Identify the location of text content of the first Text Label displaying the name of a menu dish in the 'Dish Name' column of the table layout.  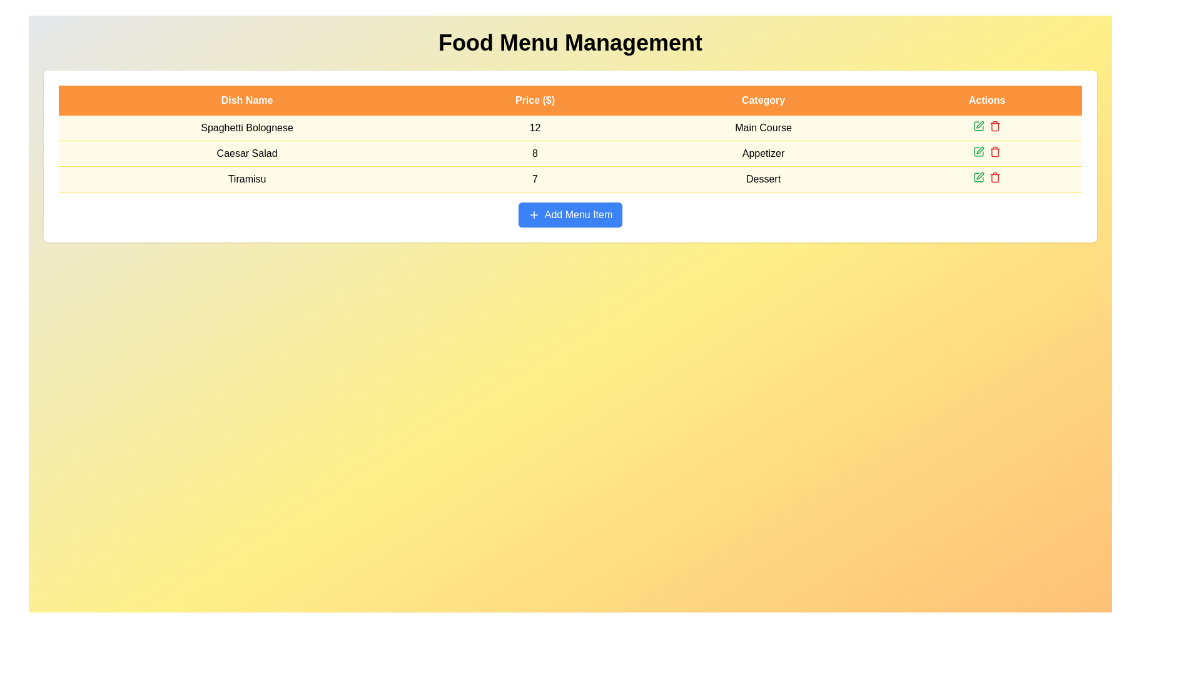
(247, 128).